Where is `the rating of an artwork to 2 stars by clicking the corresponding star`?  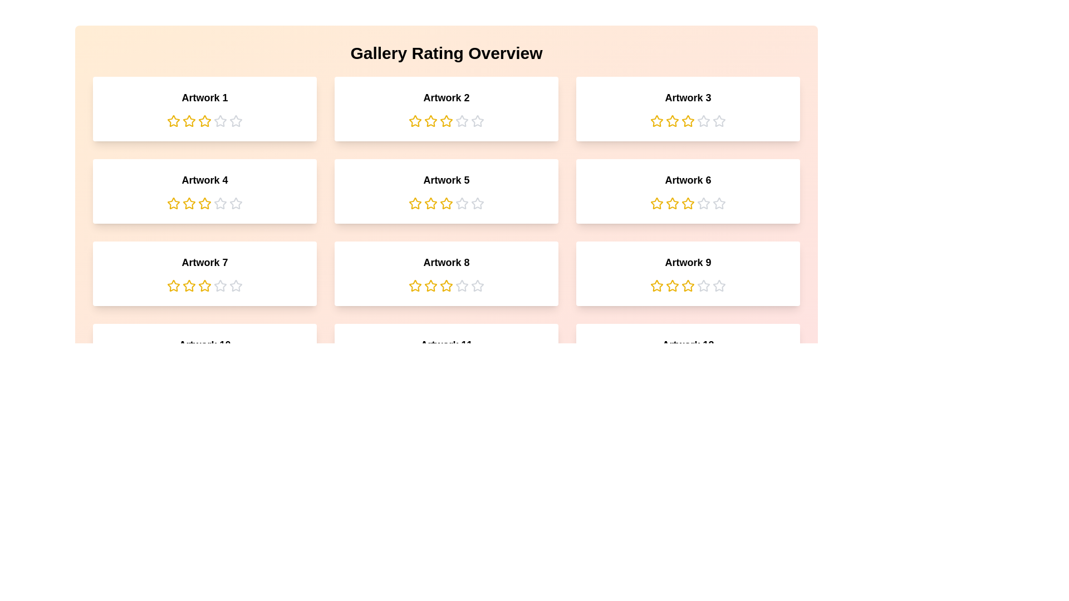
the rating of an artwork to 2 stars by clicking the corresponding star is located at coordinates (189, 121).